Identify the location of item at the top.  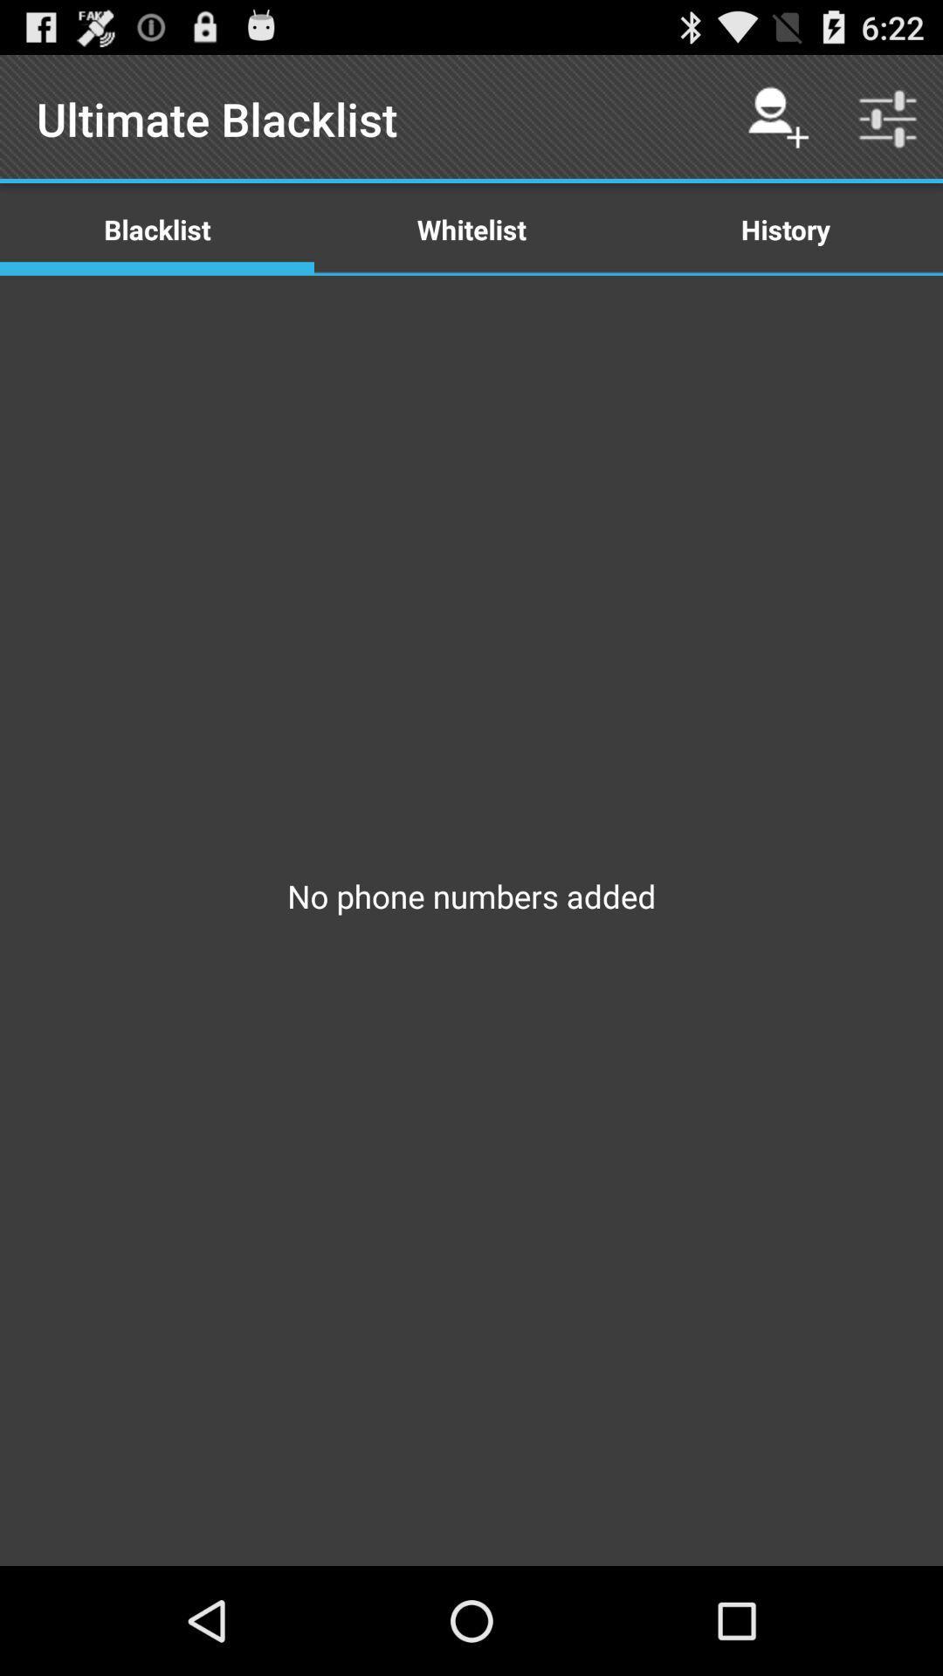
(471, 228).